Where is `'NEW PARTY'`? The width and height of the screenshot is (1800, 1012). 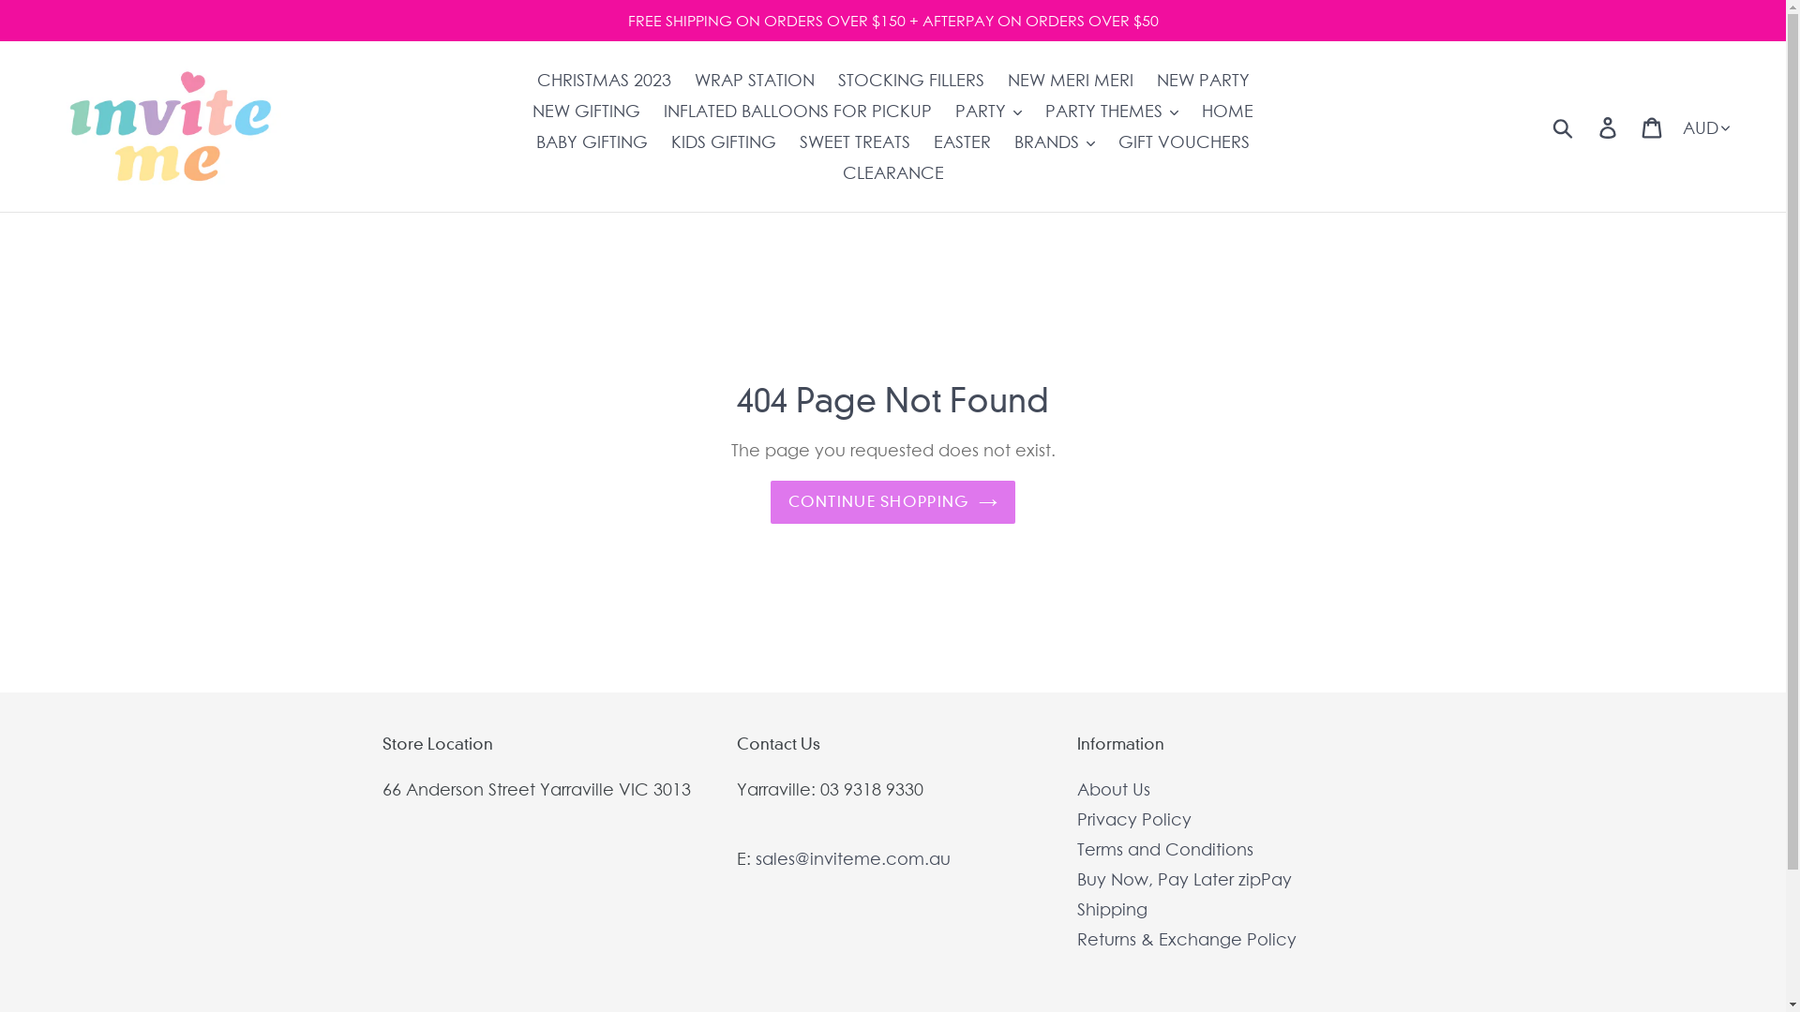
'NEW PARTY' is located at coordinates (1147, 79).